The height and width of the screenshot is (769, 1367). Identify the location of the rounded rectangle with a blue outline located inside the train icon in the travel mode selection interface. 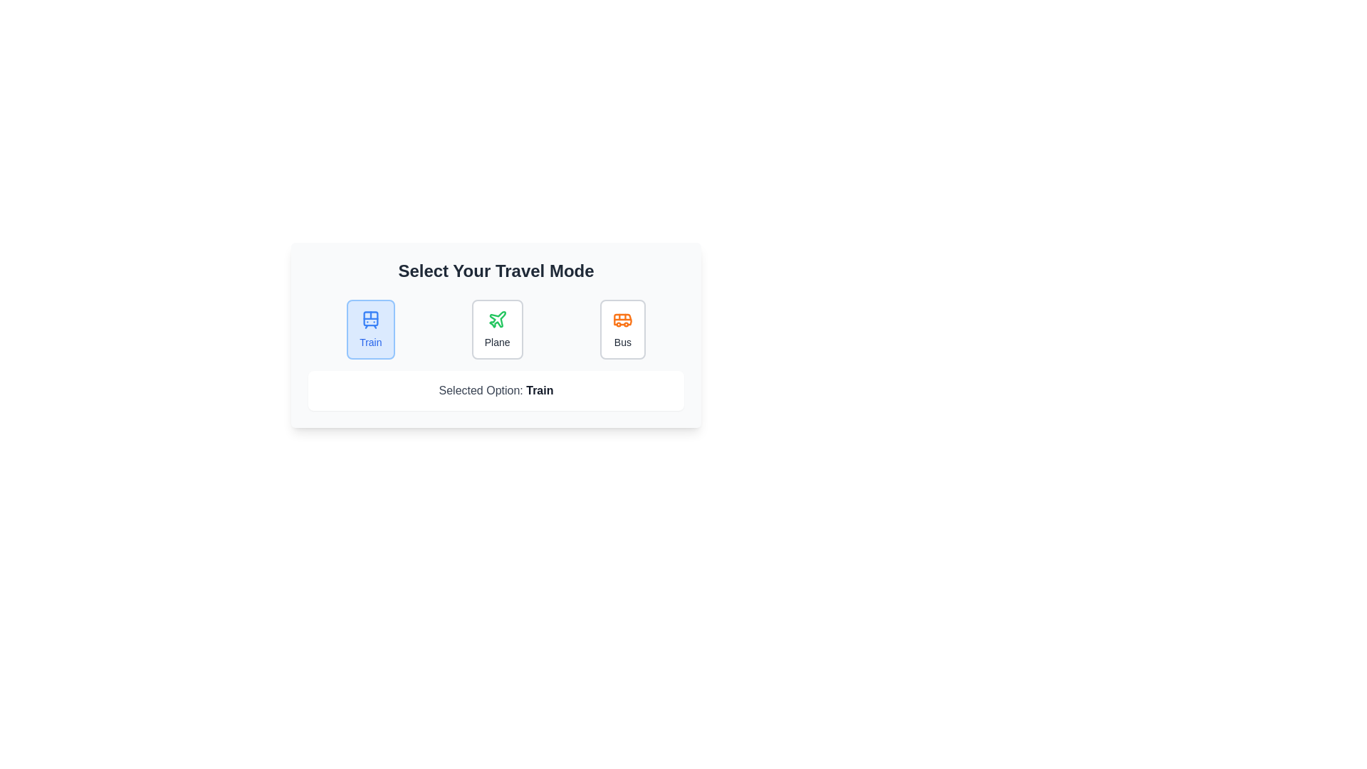
(370, 318).